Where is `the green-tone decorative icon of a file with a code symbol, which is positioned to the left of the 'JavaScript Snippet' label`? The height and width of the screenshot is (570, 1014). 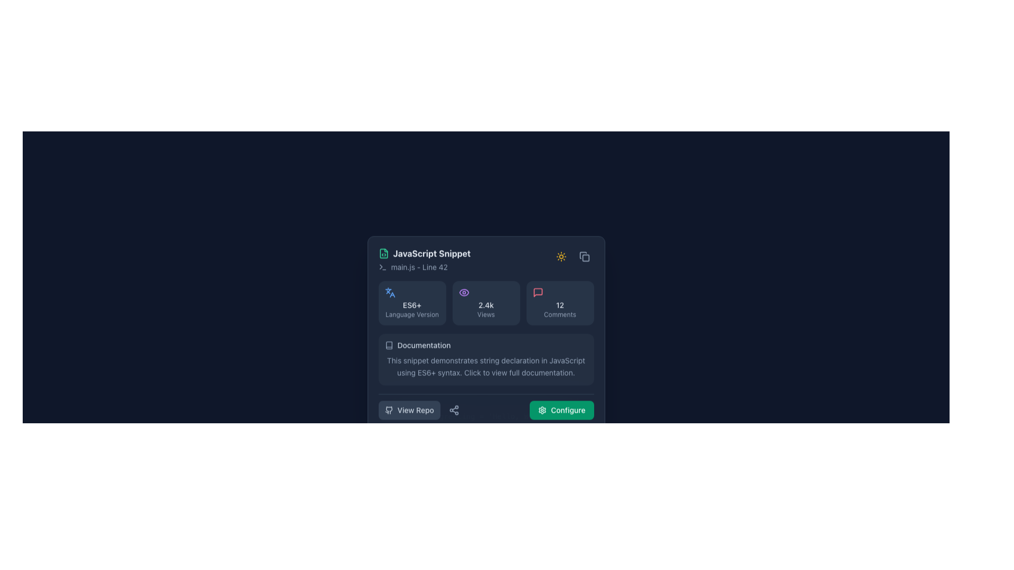 the green-tone decorative icon of a file with a code symbol, which is positioned to the left of the 'JavaScript Snippet' label is located at coordinates (383, 253).